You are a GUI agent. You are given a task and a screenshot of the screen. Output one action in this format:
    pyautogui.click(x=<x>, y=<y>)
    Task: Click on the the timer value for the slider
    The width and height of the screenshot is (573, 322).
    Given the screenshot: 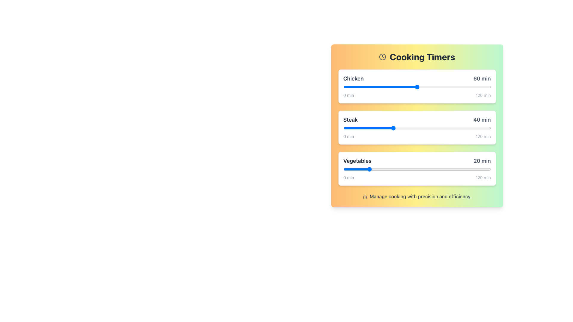 What is the action you would take?
    pyautogui.click(x=482, y=128)
    